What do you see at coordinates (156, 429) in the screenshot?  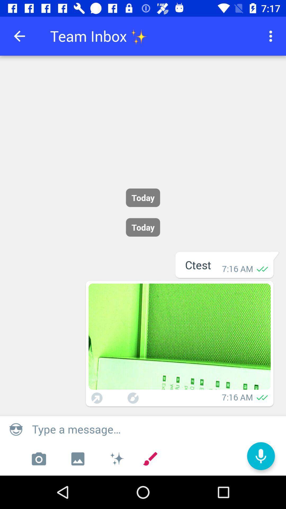 I see `insert message` at bounding box center [156, 429].